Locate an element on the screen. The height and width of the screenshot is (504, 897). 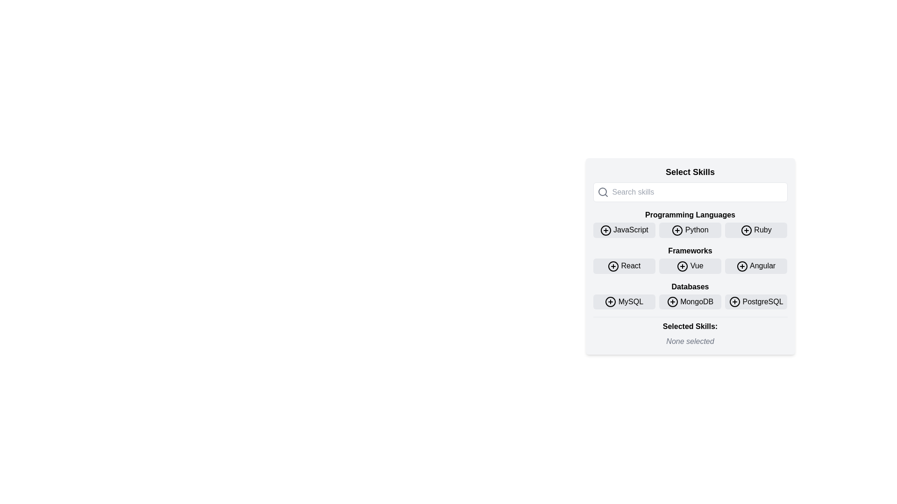
the 'Angular' button in the 'Frameworks' category of the skills selection interface is located at coordinates (742, 266).